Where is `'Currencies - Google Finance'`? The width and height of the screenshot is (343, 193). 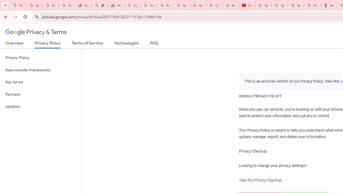
'Currencies - Google Finance' is located at coordinates (83, 5).